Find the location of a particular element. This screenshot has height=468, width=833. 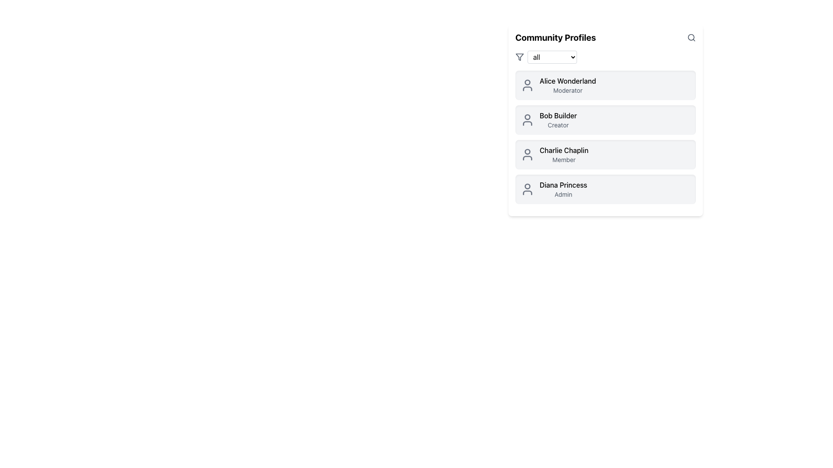

SVG circle element that represents the lens of the magnifying glass icon located in the top right corner of the interface using developer tools is located at coordinates (691, 37).